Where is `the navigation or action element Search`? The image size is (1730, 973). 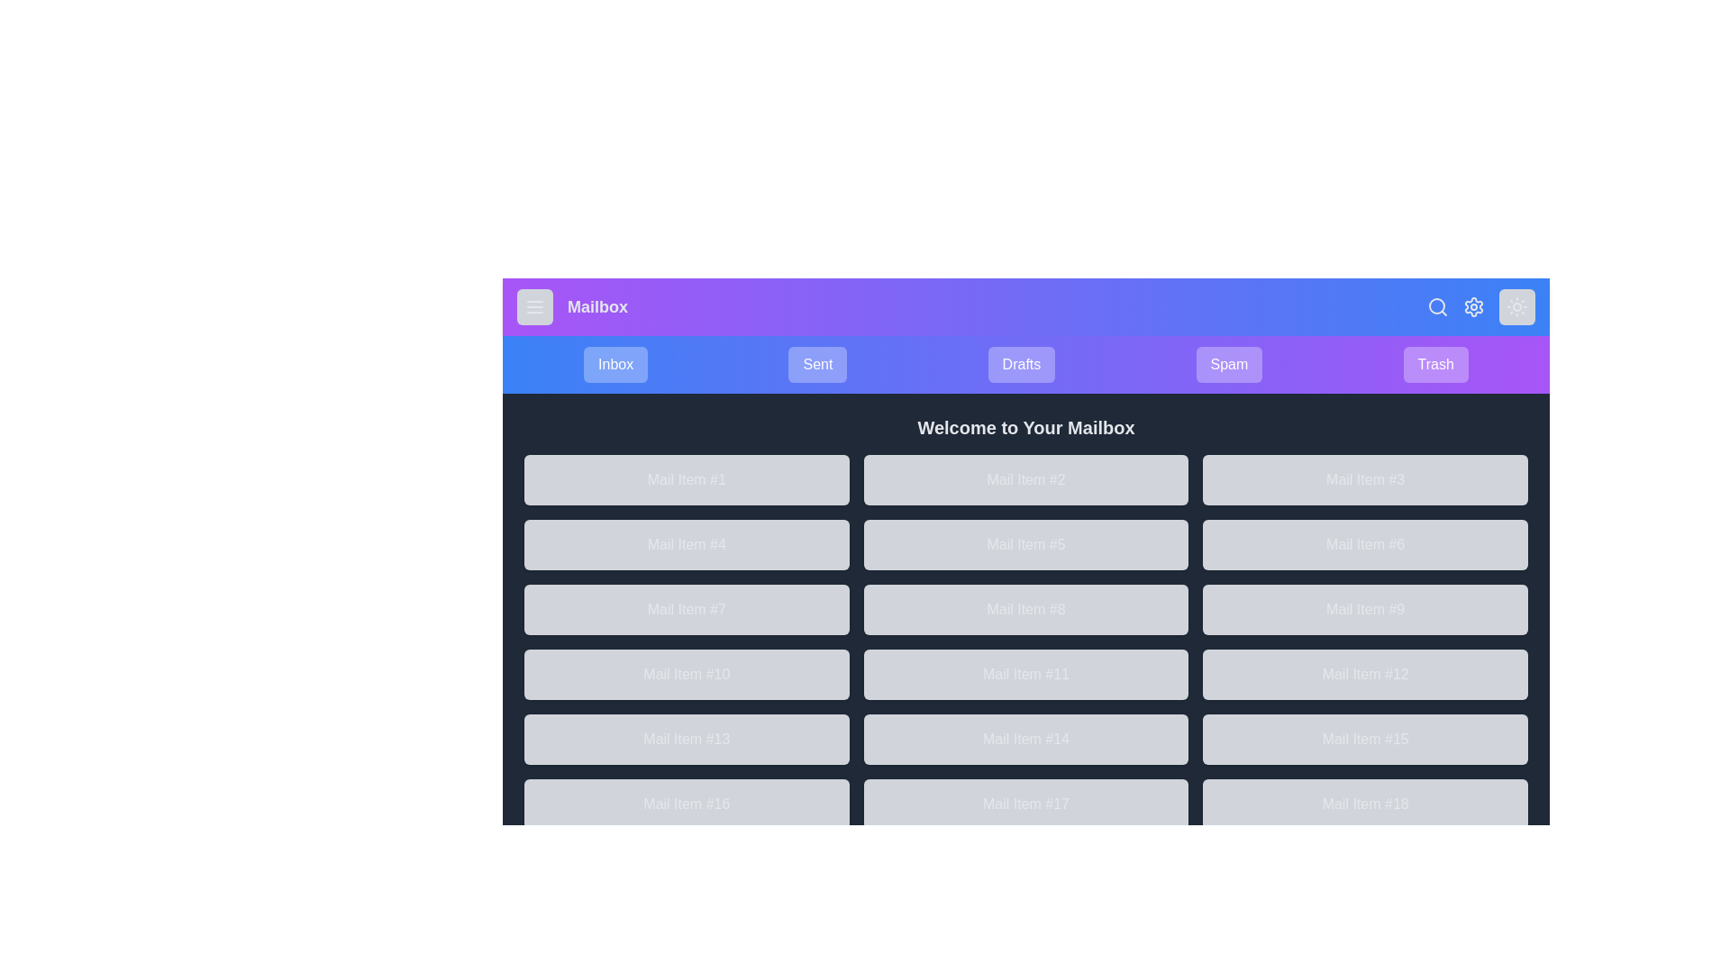 the navigation or action element Search is located at coordinates (1437, 305).